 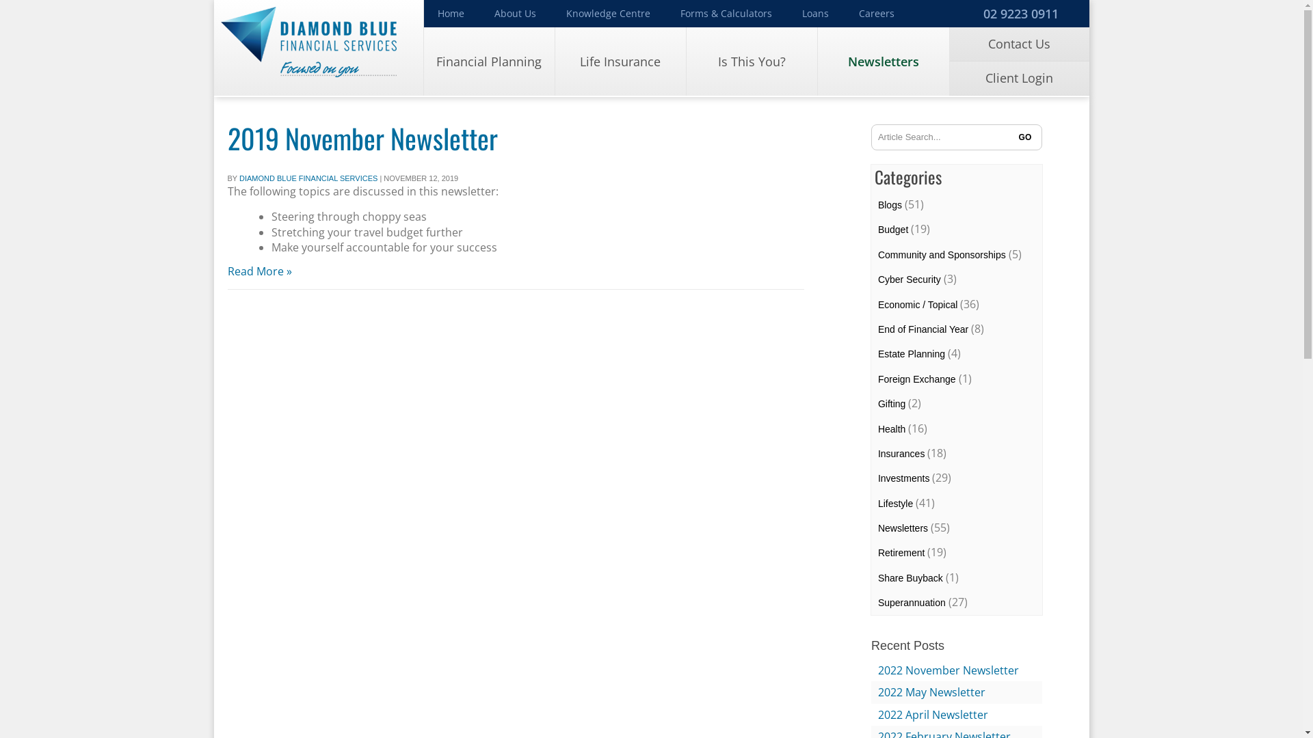 I want to click on 'Life Insurance', so click(x=620, y=60).